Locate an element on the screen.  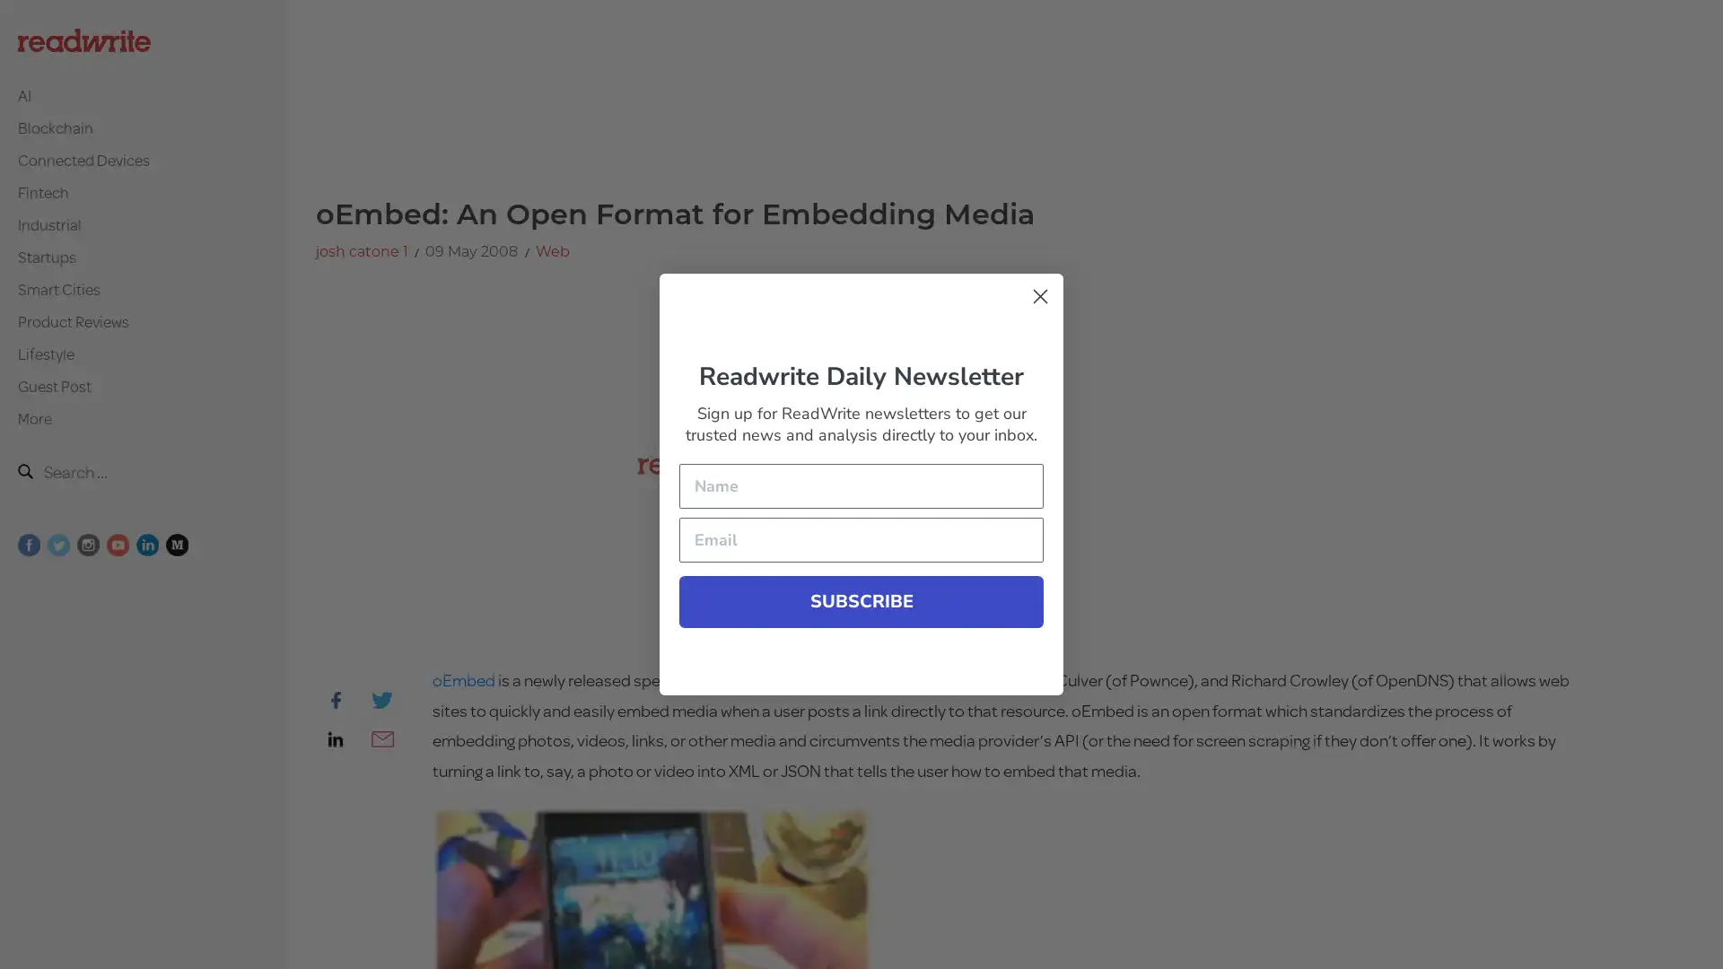
Close form is located at coordinates (1040, 295).